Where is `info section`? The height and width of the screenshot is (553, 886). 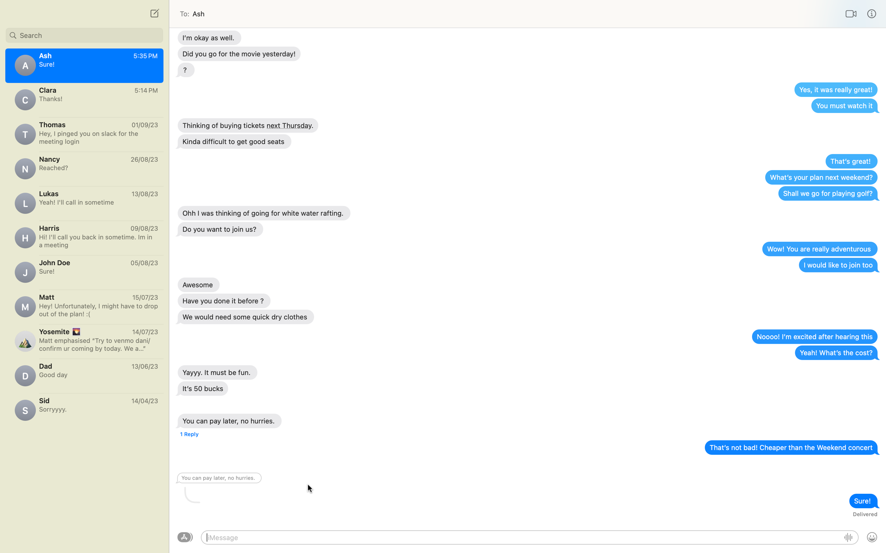 info section is located at coordinates (872, 14).